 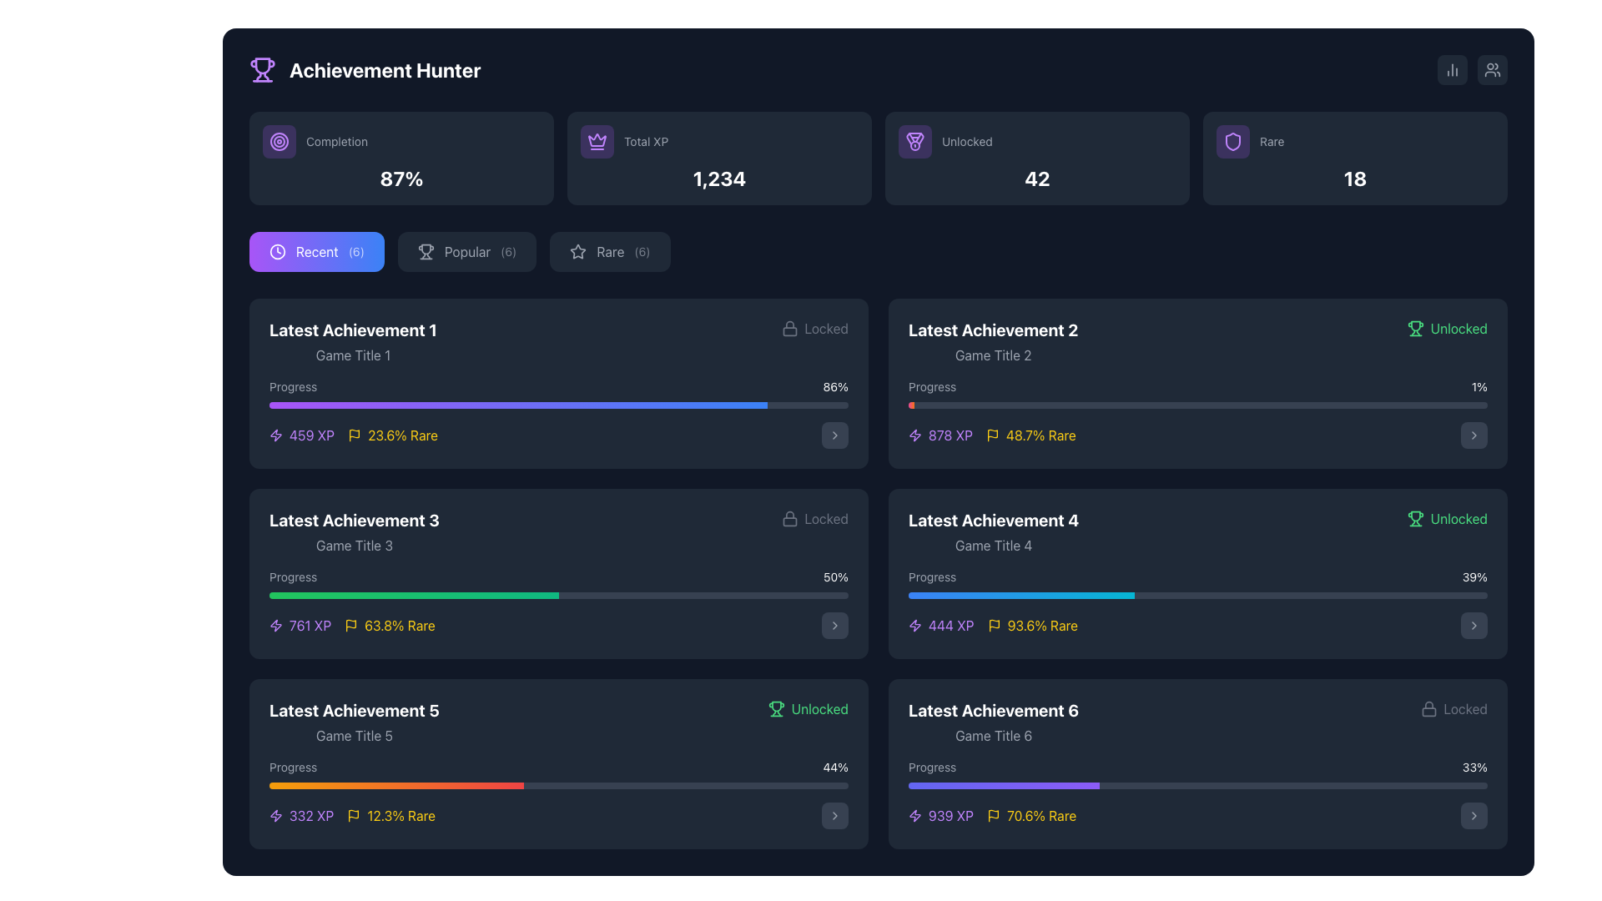 I want to click on the Progress indicator bar of 'Latest Achievement 6', which is a rectangular bar with a gradient fill from indigo to violet, indicating 33% progress, so click(x=1003, y=785).